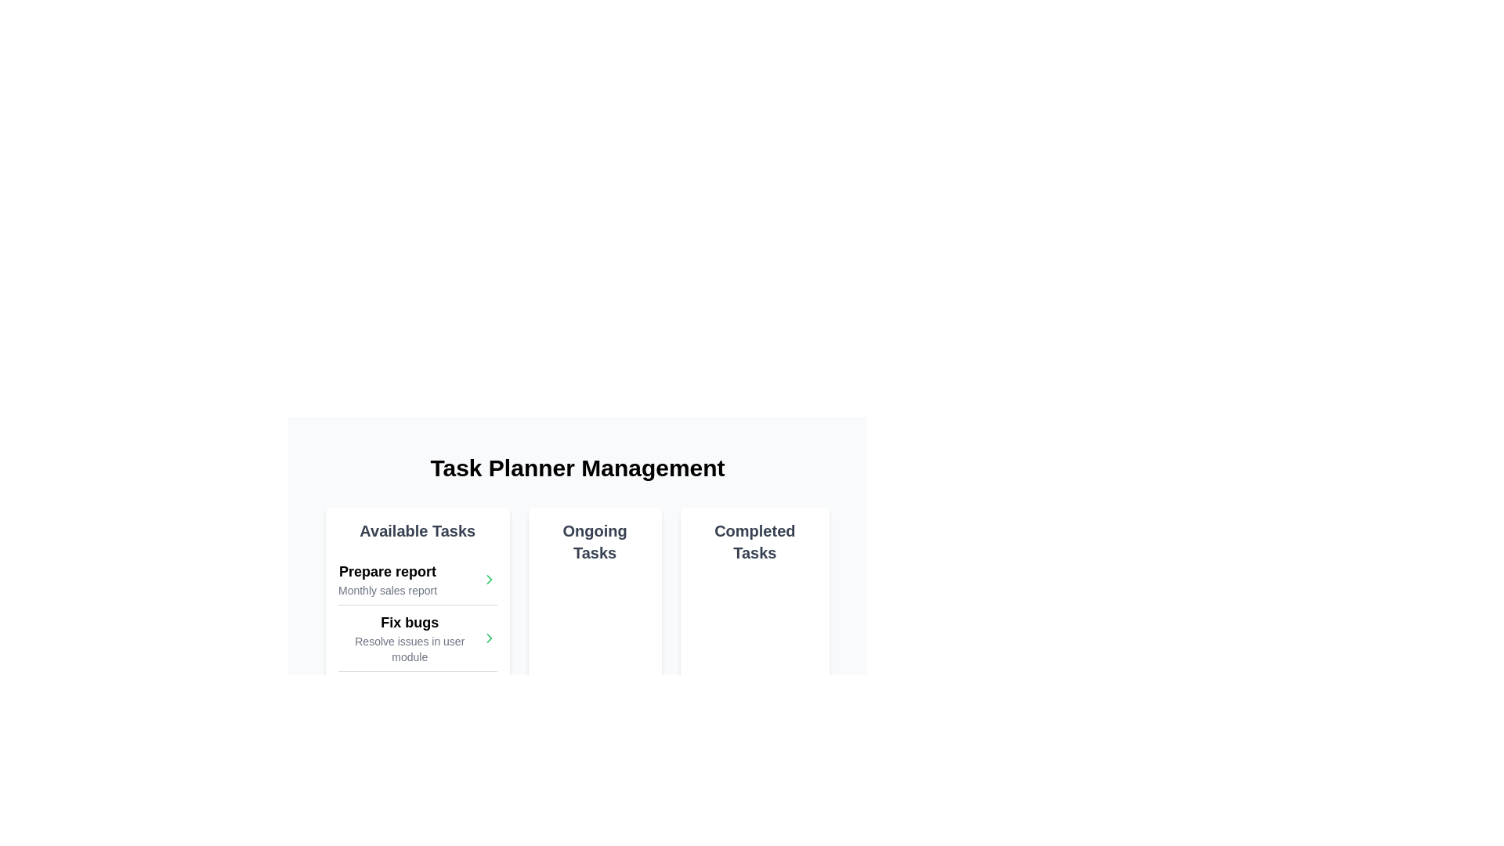 This screenshot has height=846, width=1504. What do you see at coordinates (387, 590) in the screenshot?
I see `the text label that reads 'Monthly sales report', which is styled in small gray font and positioned directly below the bold text 'Prepare report' in the 'Available Tasks' section` at bounding box center [387, 590].